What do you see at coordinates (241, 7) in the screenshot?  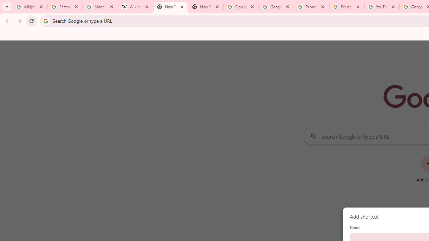 I see `'Sign in - Google Accounts'` at bounding box center [241, 7].